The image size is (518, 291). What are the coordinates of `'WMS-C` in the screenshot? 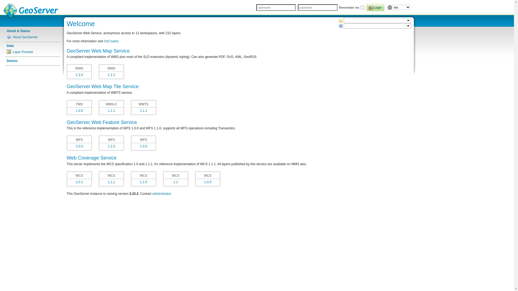 It's located at (111, 107).